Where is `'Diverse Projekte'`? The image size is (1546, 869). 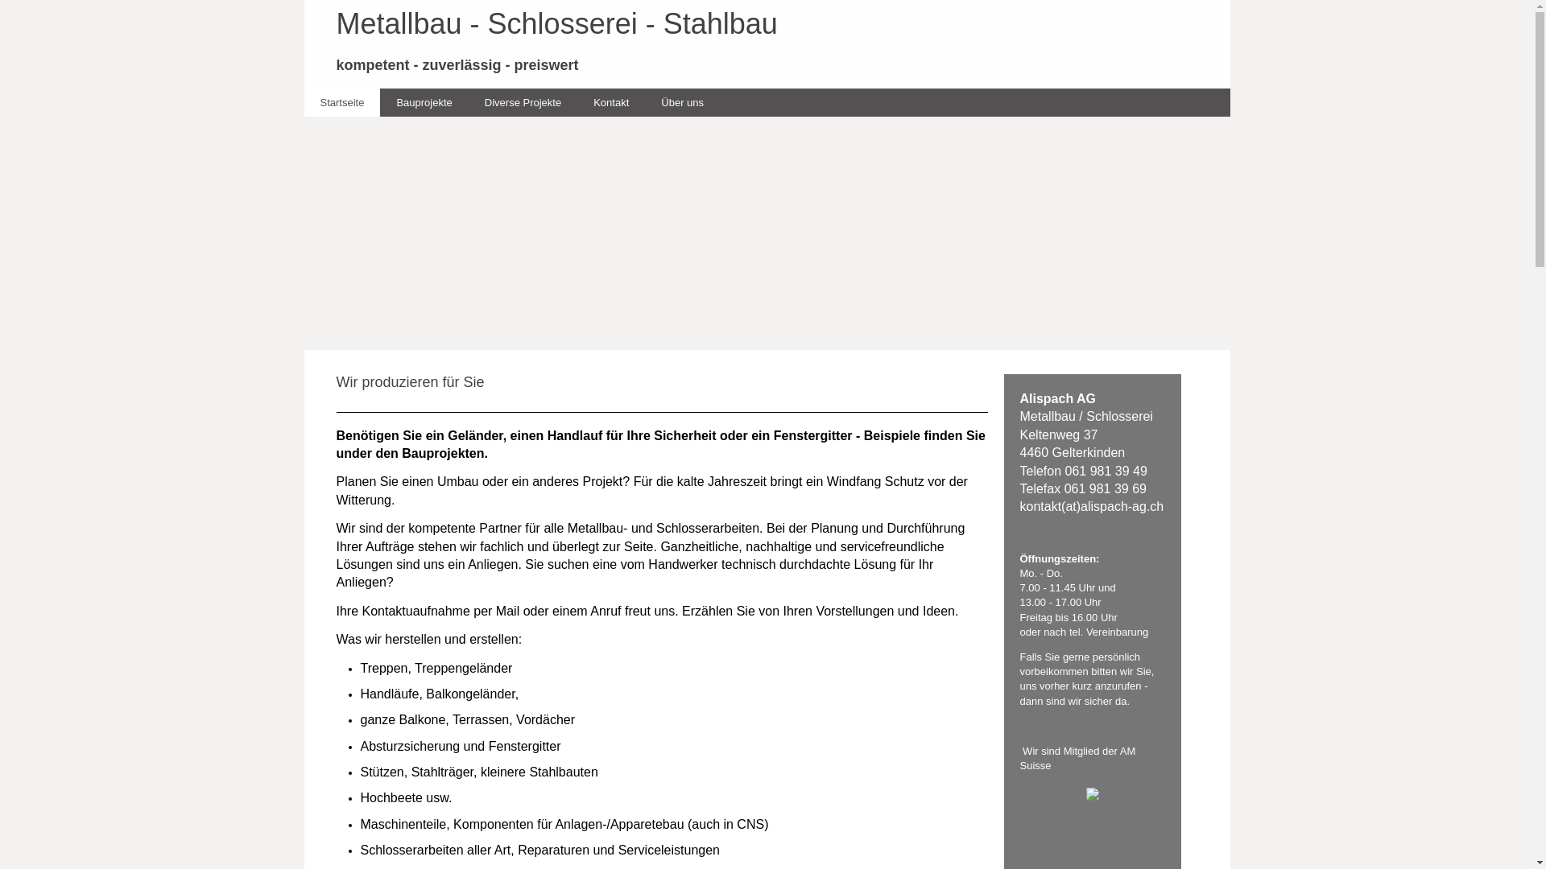
'Diverse Projekte' is located at coordinates (467, 102).